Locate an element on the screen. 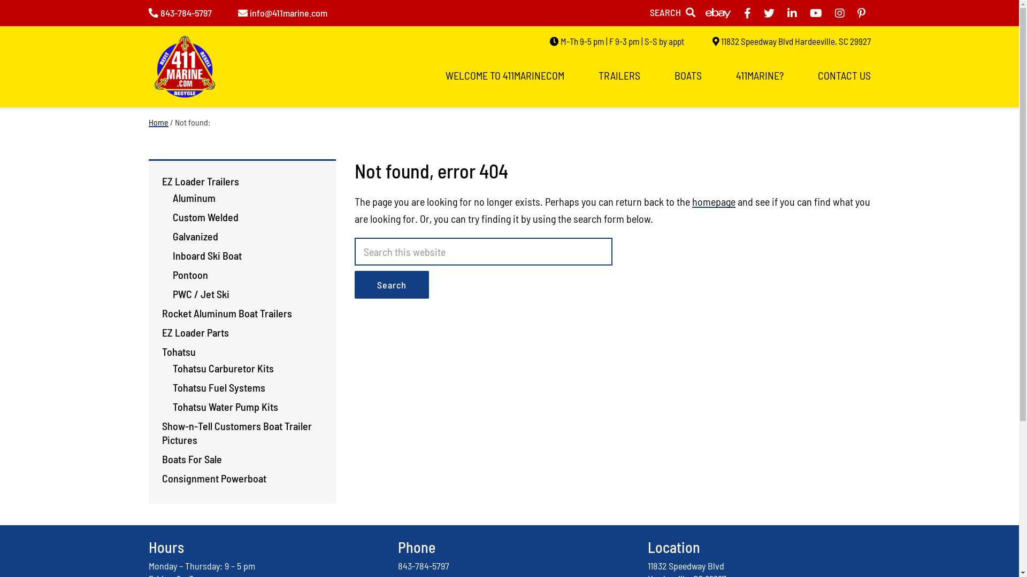 Image resolution: width=1027 pixels, height=577 pixels. 'Tohatsu Fuel Systems' is located at coordinates (218, 387).